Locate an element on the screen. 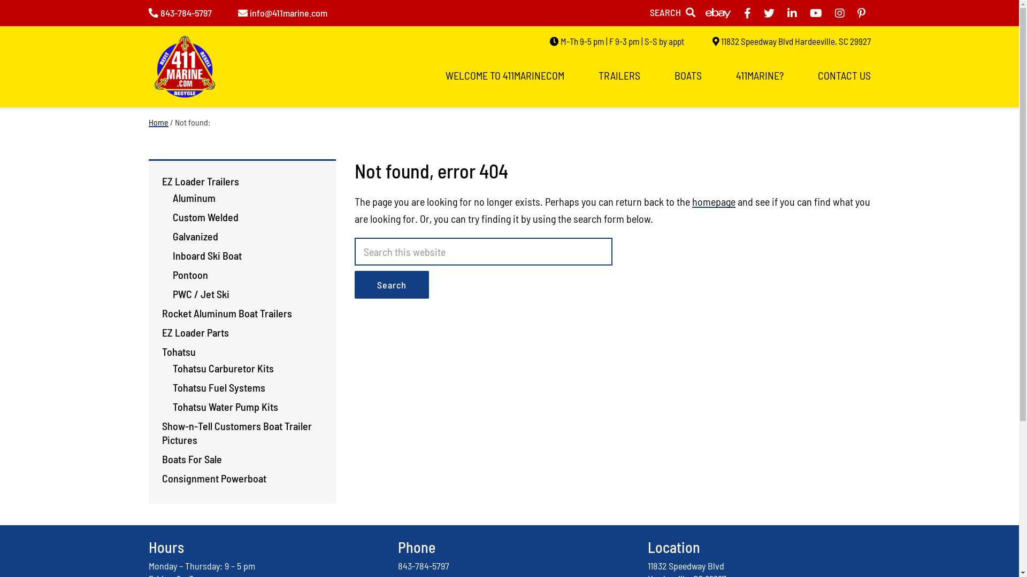 Image resolution: width=1027 pixels, height=577 pixels. 'Tohatsu Fuel Systems' is located at coordinates (218, 387).